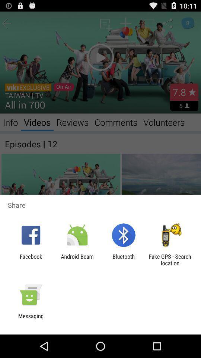 The height and width of the screenshot is (358, 201). I want to click on the bluetooth app, so click(124, 260).